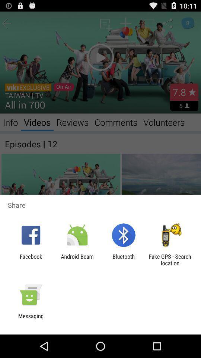 The height and width of the screenshot is (358, 201). I want to click on the bluetooth app, so click(124, 260).